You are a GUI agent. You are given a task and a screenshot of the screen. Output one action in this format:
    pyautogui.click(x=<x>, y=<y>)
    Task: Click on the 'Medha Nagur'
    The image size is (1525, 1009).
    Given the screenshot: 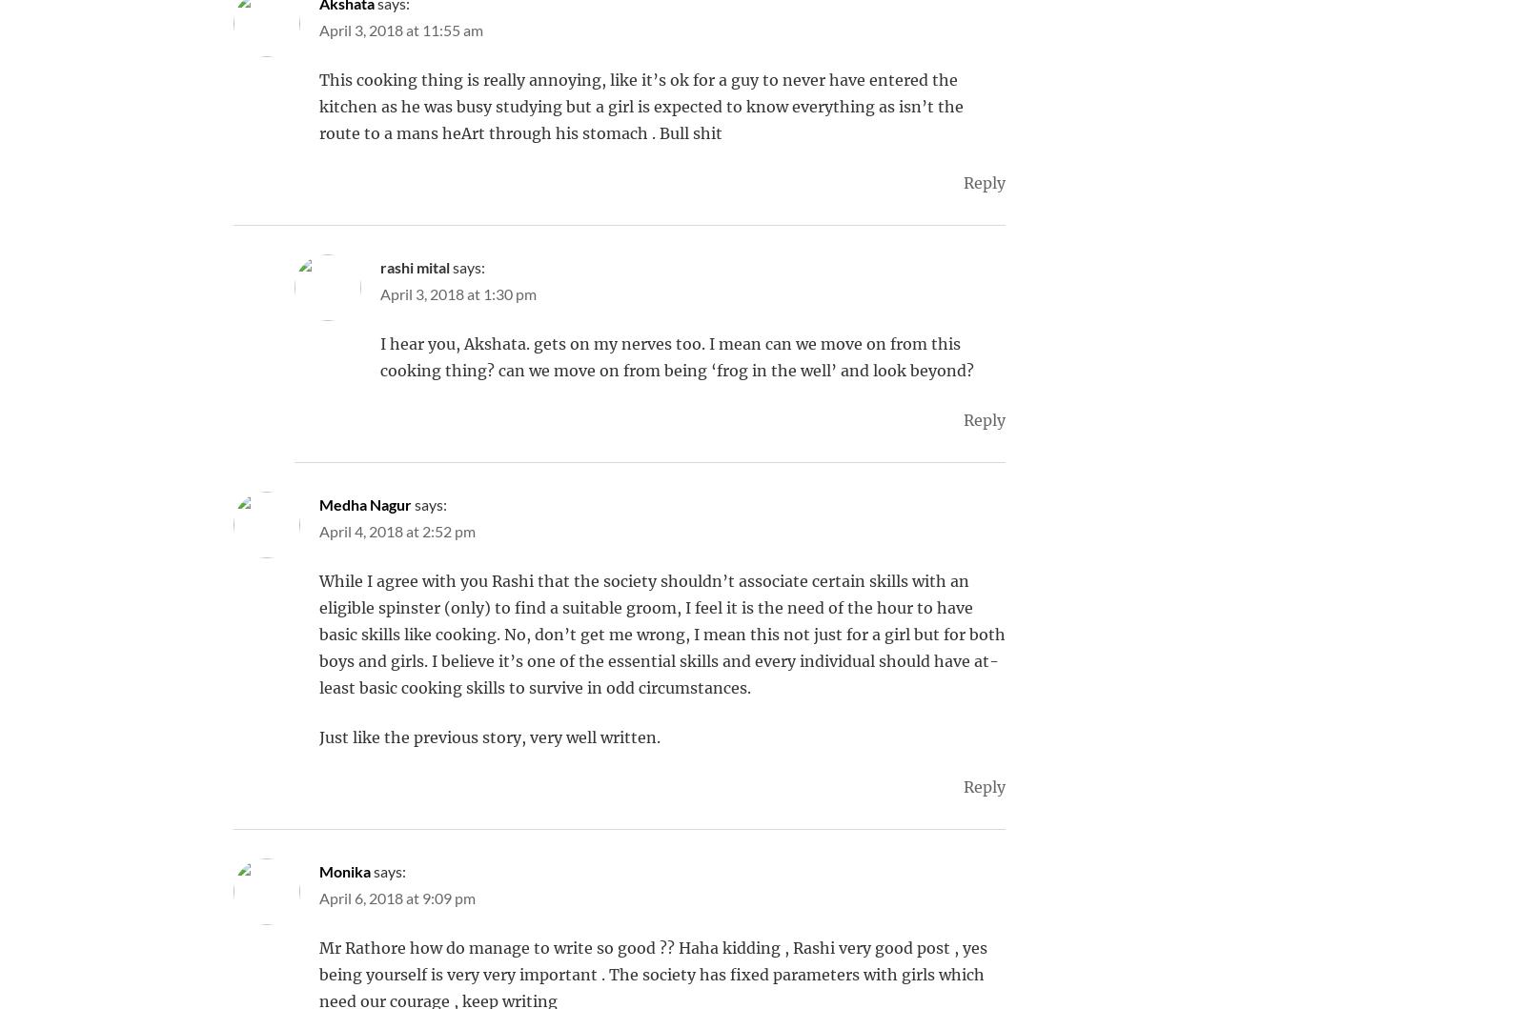 What is the action you would take?
    pyautogui.click(x=365, y=504)
    